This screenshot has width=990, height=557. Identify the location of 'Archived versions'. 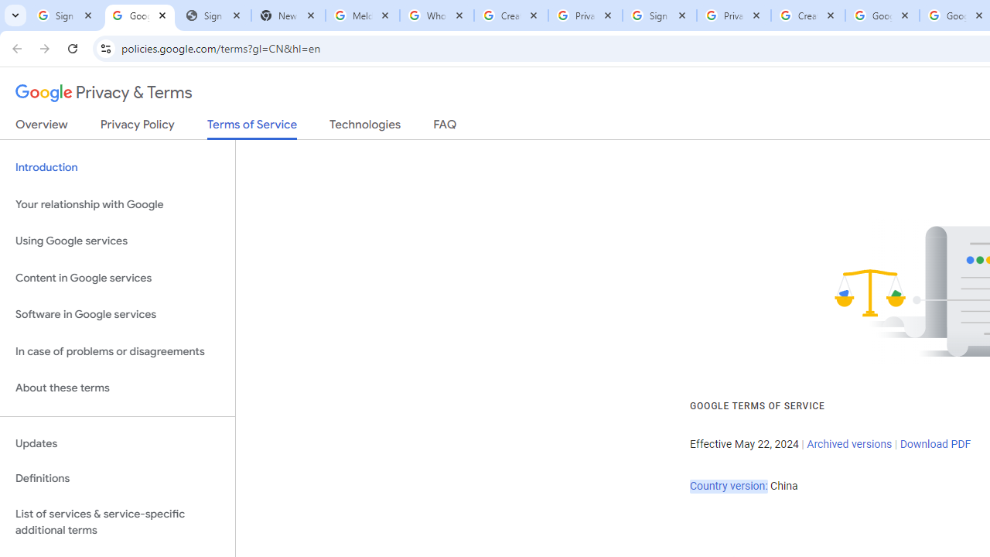
(848, 444).